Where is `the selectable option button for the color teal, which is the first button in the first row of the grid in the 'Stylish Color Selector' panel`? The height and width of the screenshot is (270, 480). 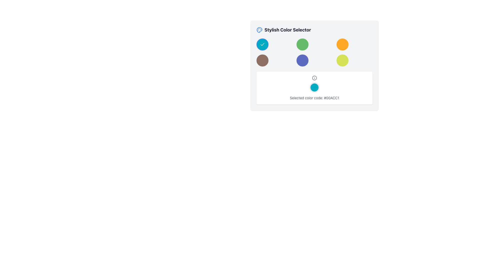 the selectable option button for the color teal, which is the first button in the first row of the grid in the 'Stylish Color Selector' panel is located at coordinates (262, 44).